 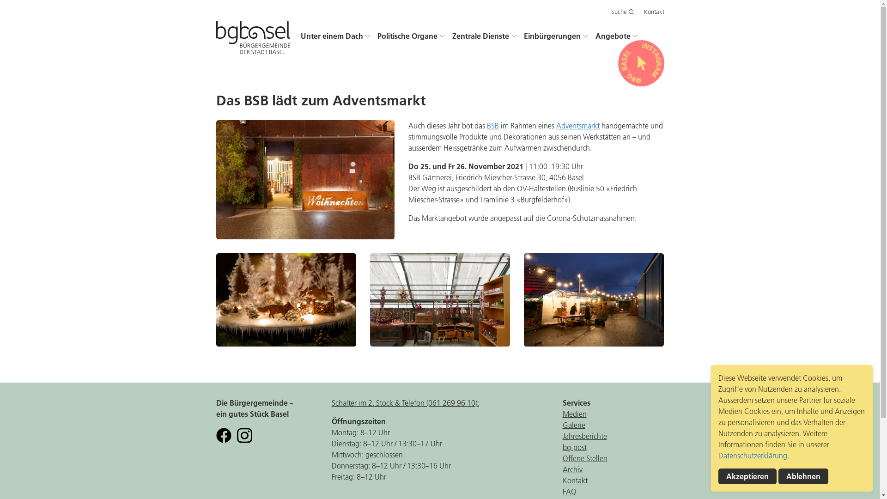 I want to click on 'Medien', so click(x=574, y=413).